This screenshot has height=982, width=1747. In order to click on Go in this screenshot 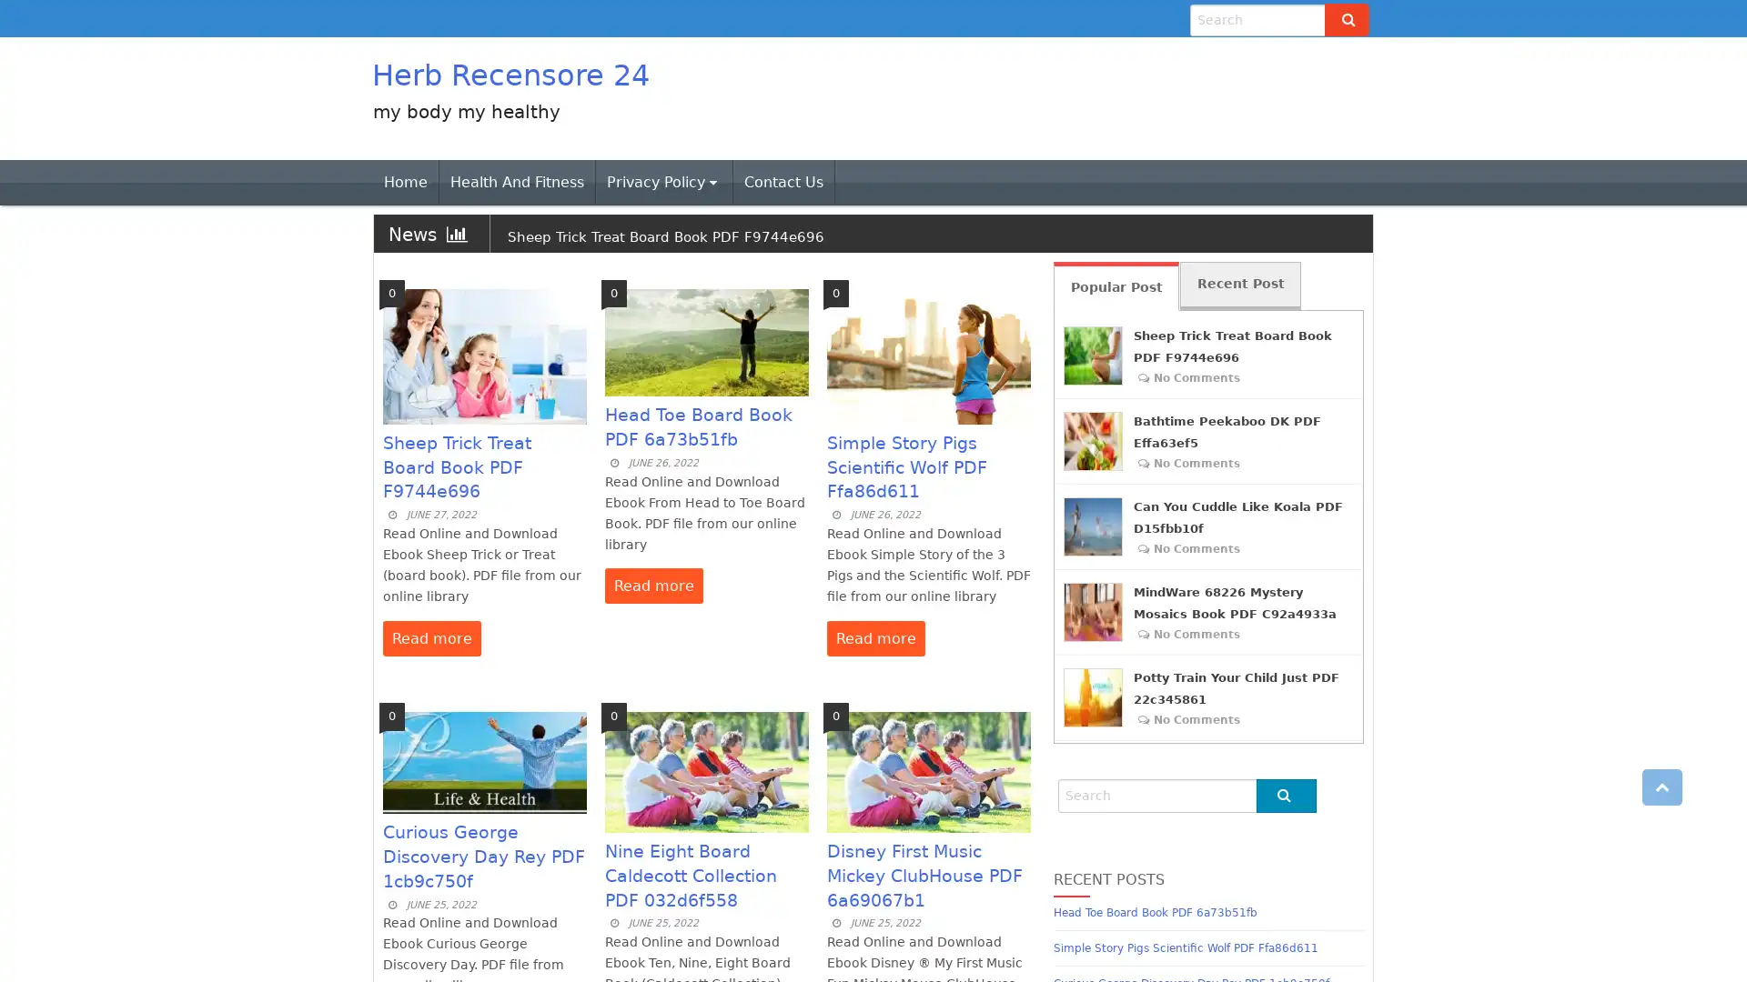, I will do `click(1347, 18)`.